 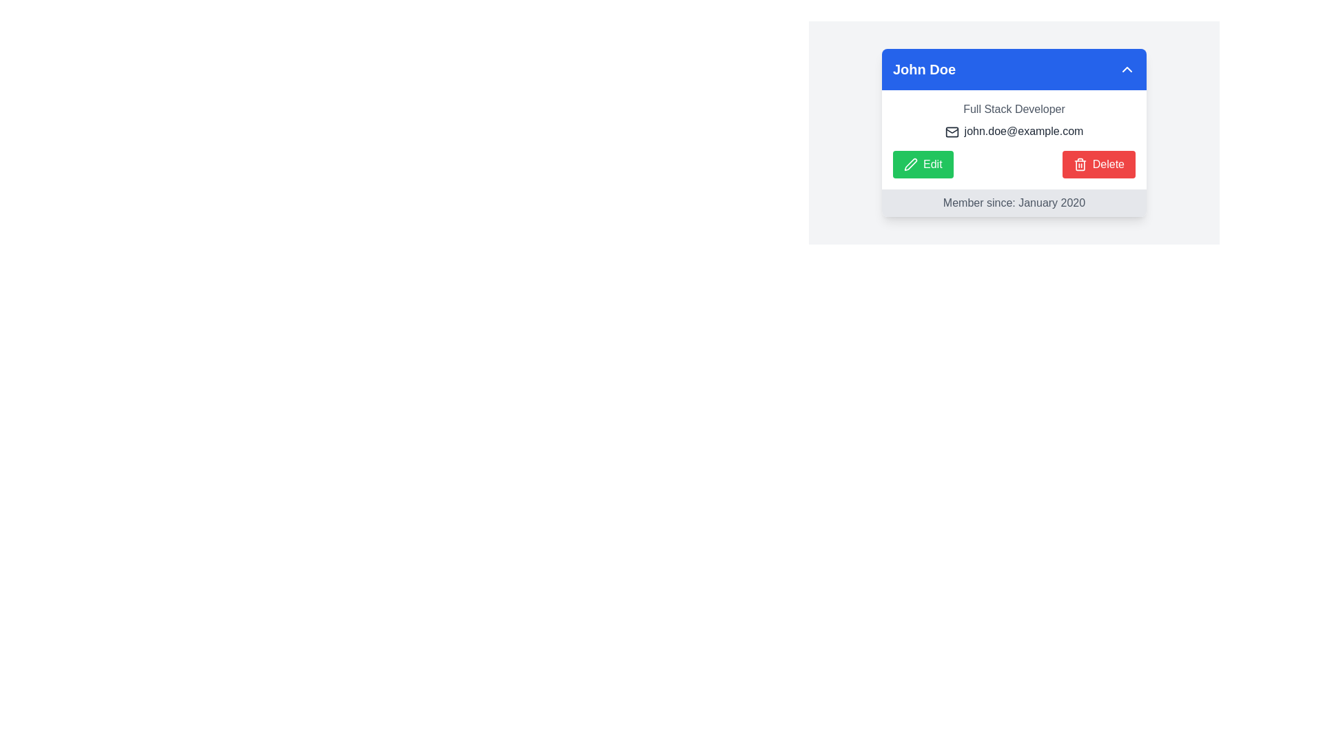 I want to click on the 'Delete' button, which has a red background, white text, and a trash bin icon, to observe its hover effects, so click(x=1098, y=164).